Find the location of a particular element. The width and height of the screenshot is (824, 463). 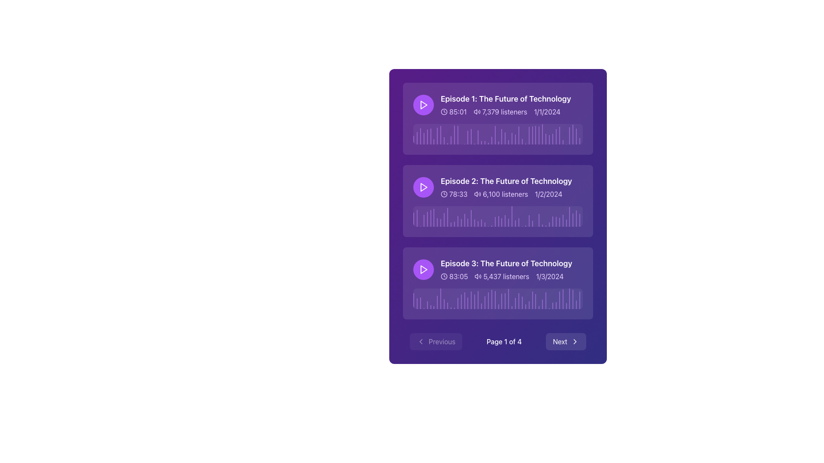

the graphical bar representing data in the first episode card, located below the title and metadata is located at coordinates (450, 140).